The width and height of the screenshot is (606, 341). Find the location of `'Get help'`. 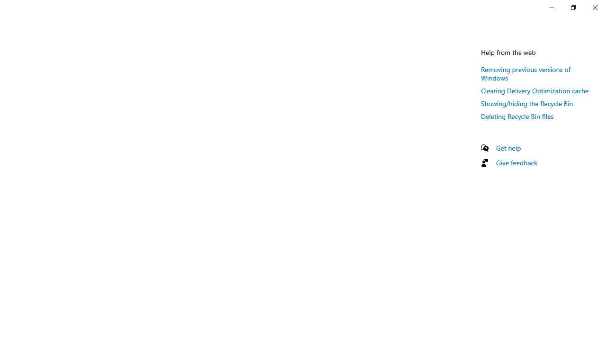

'Get help' is located at coordinates (508, 148).